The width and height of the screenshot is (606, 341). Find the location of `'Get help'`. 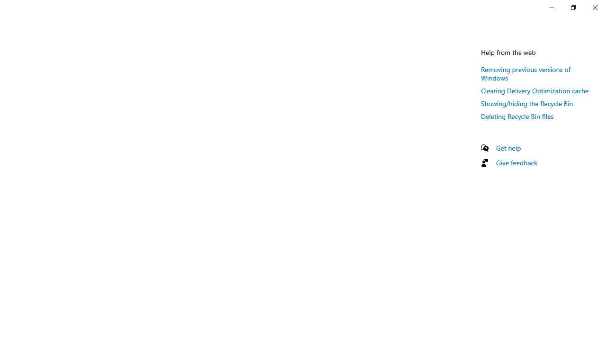

'Get help' is located at coordinates (508, 148).